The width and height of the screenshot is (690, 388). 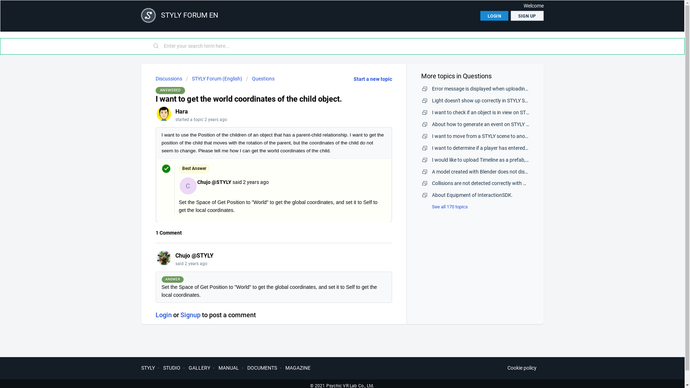 What do you see at coordinates (489, 183) in the screenshot?
I see `'Collisions are not detected correctly with PlayMaker.'` at bounding box center [489, 183].